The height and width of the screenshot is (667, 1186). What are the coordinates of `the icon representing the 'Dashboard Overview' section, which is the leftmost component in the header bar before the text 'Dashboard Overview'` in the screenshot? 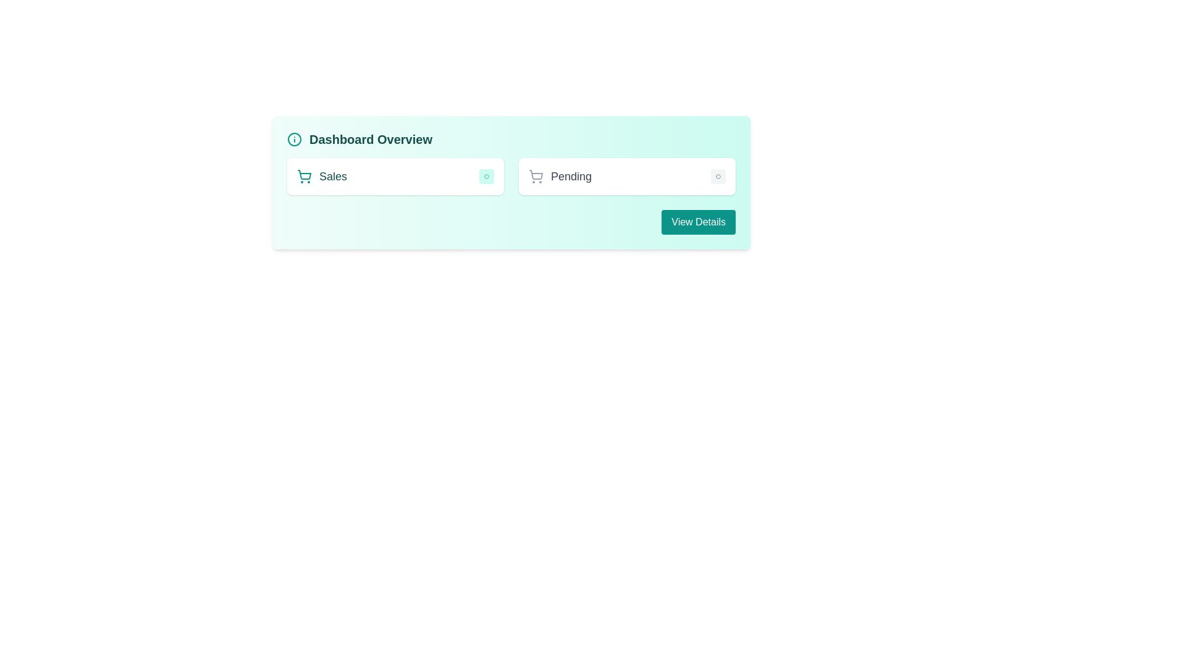 It's located at (293, 139).